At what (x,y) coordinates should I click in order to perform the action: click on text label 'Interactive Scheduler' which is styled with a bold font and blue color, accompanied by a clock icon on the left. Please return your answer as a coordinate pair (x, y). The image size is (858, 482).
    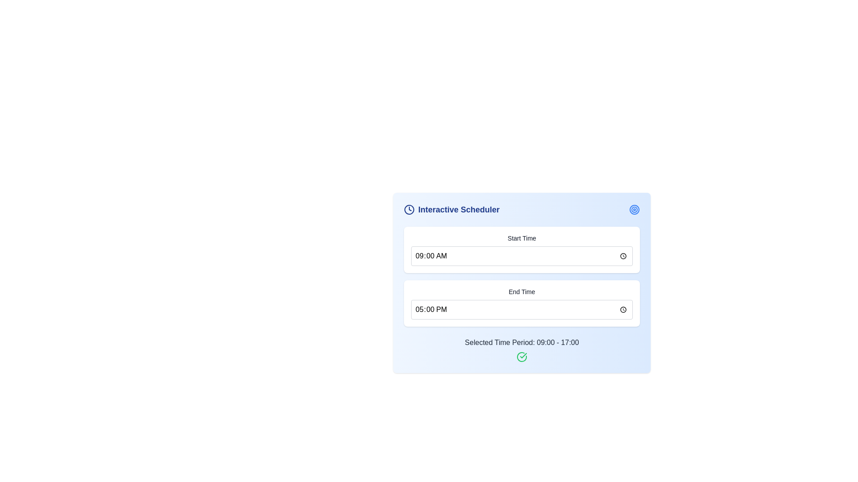
    Looking at the image, I should click on (452, 210).